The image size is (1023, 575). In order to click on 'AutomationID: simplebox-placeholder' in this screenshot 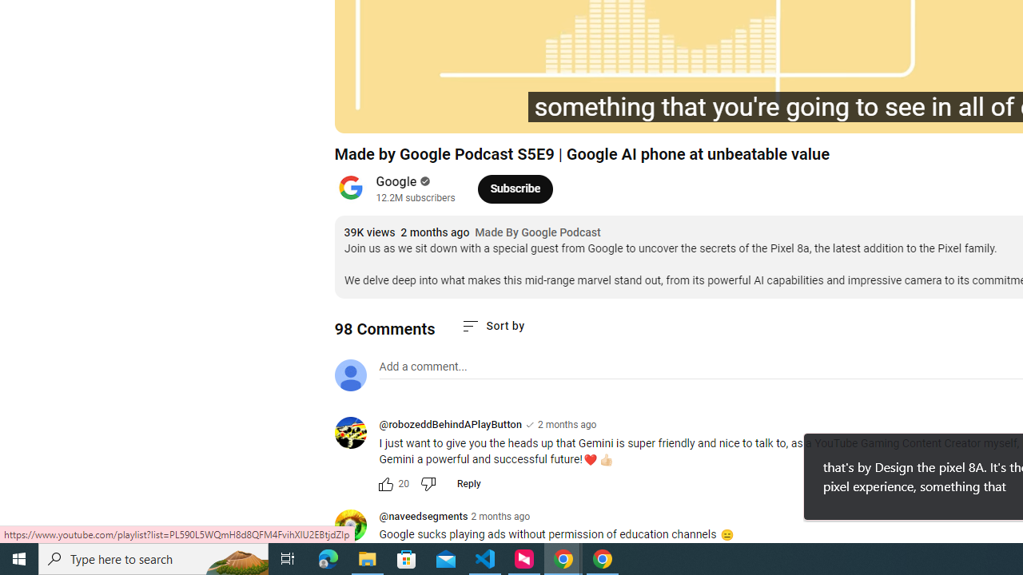, I will do `click(423, 367)`.